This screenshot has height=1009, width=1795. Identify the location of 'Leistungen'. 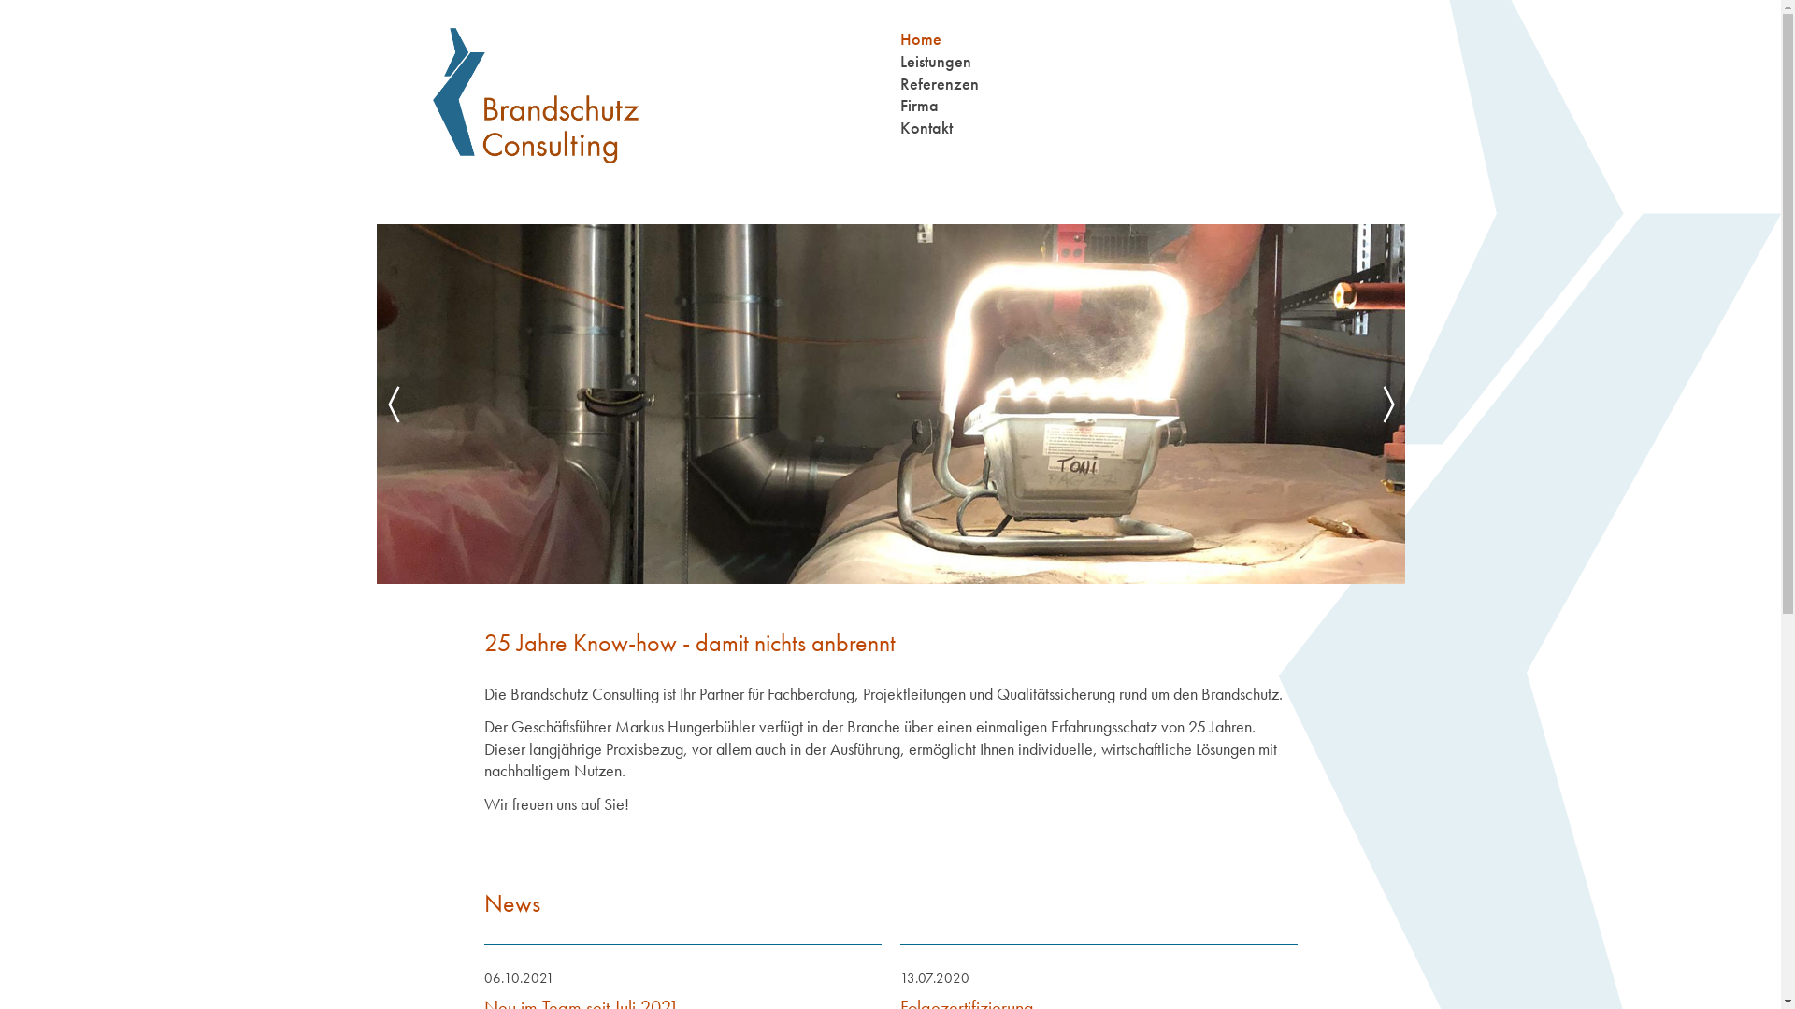
(934, 60).